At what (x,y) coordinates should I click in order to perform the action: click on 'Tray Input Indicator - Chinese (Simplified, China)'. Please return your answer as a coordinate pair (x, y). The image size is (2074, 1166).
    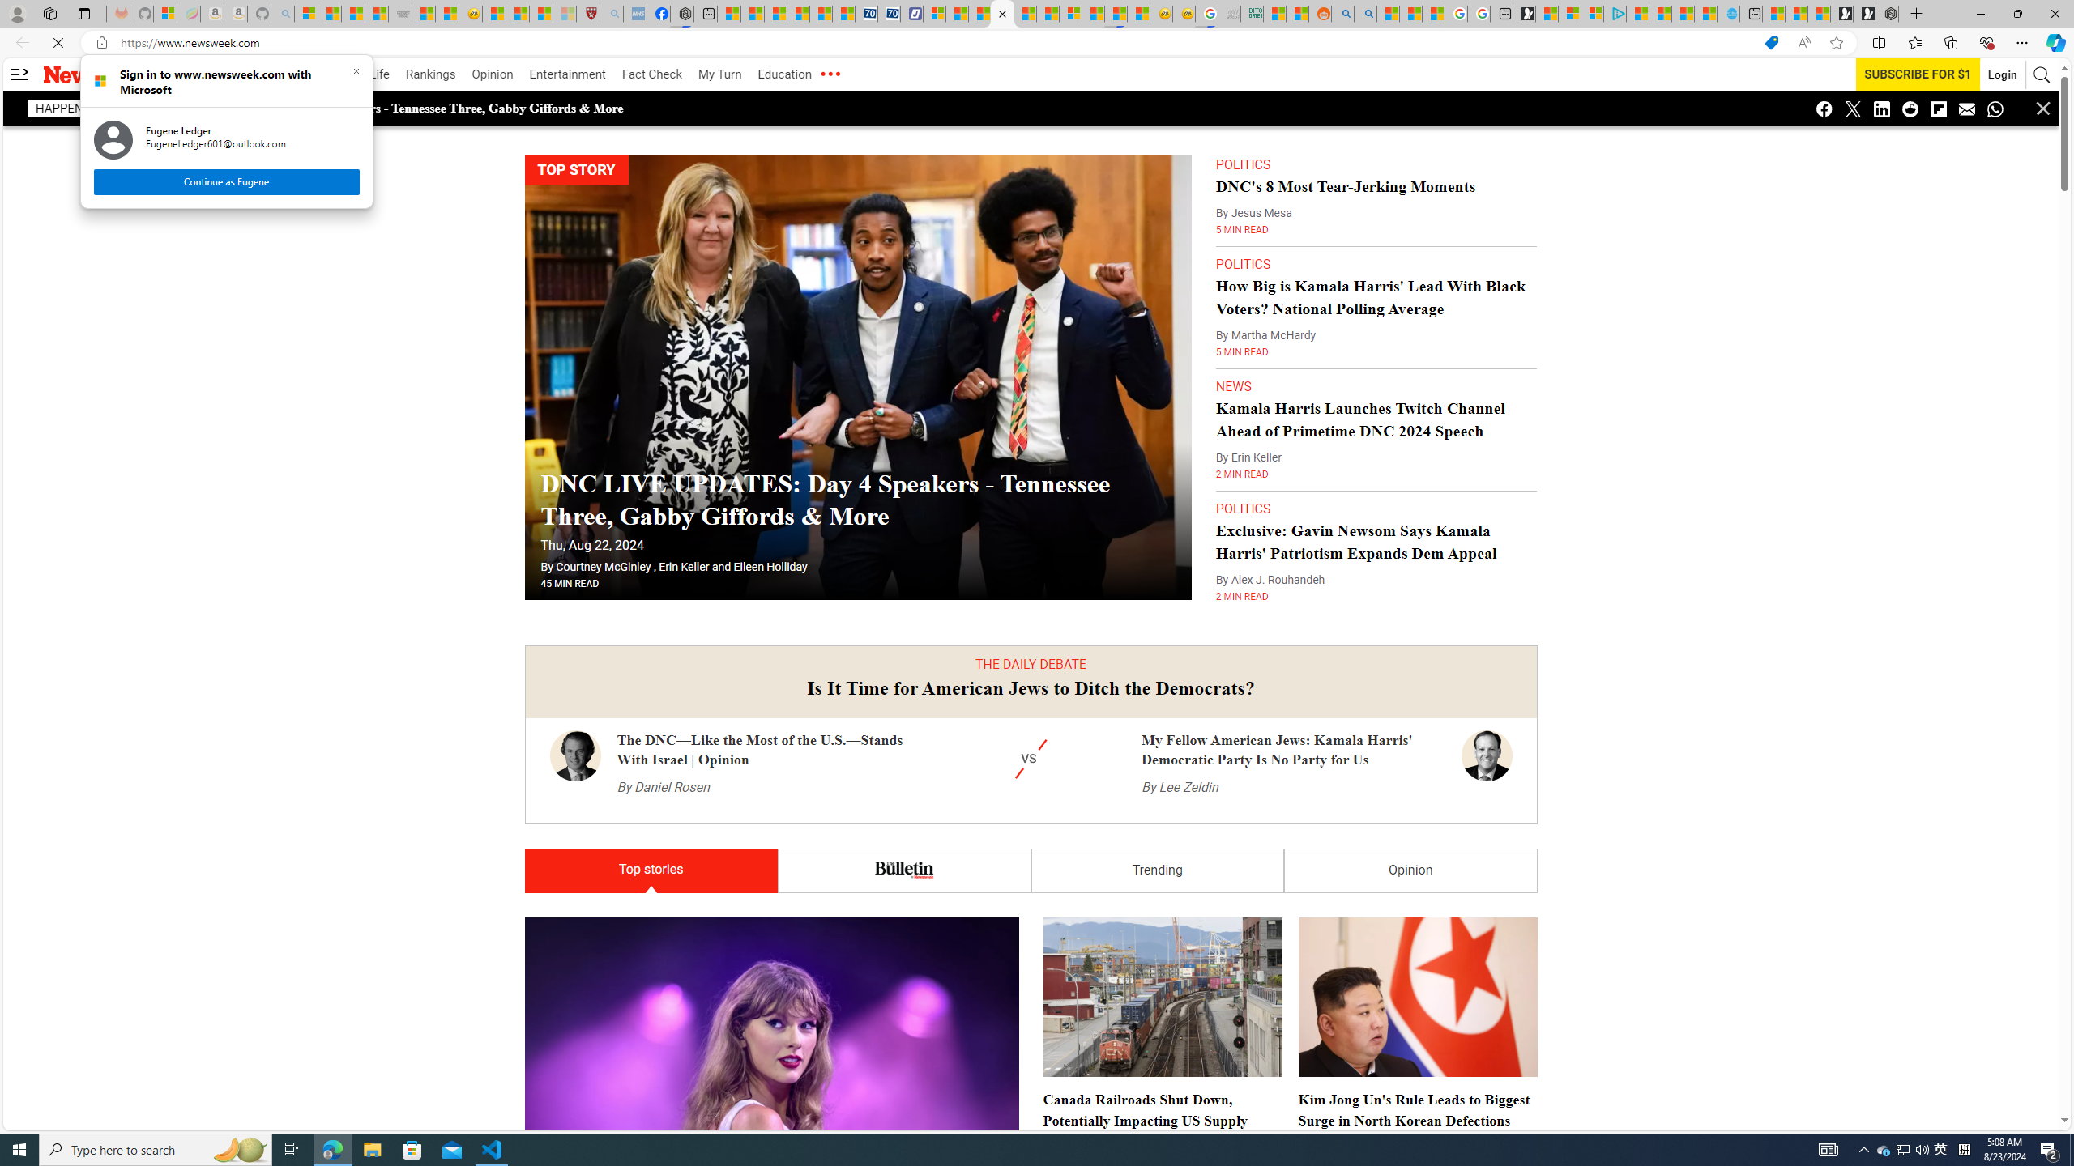
    Looking at the image, I should click on (1964, 1148).